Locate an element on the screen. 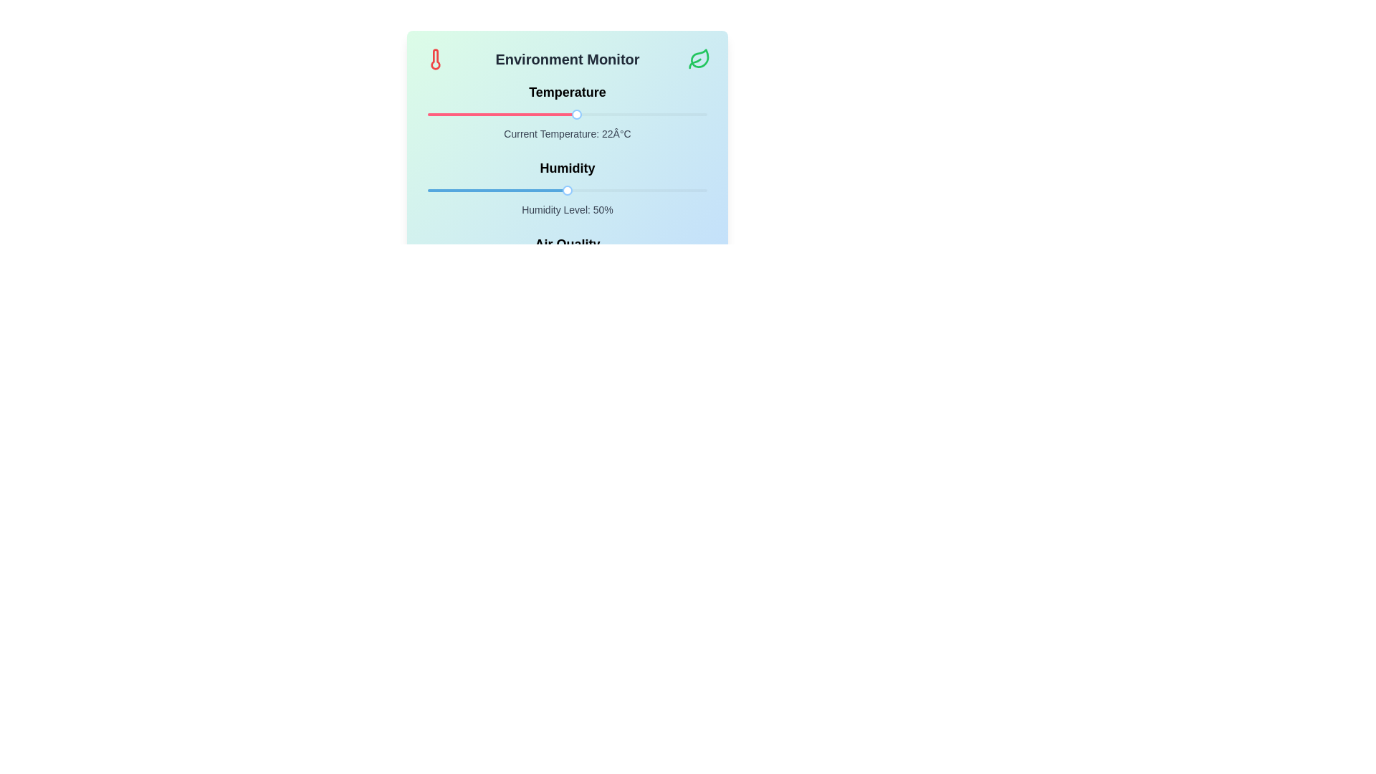  the humidity is located at coordinates (449, 190).